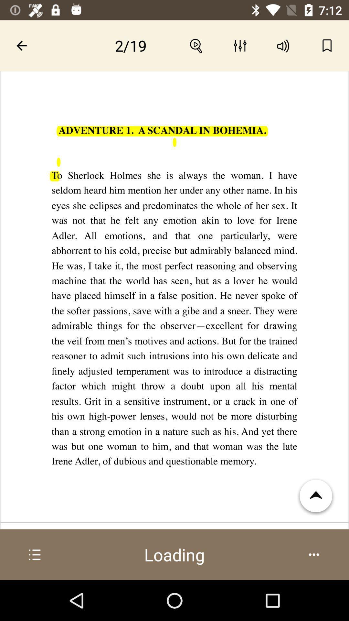 The image size is (349, 621). What do you see at coordinates (131, 45) in the screenshot?
I see `page 2 out of 19` at bounding box center [131, 45].